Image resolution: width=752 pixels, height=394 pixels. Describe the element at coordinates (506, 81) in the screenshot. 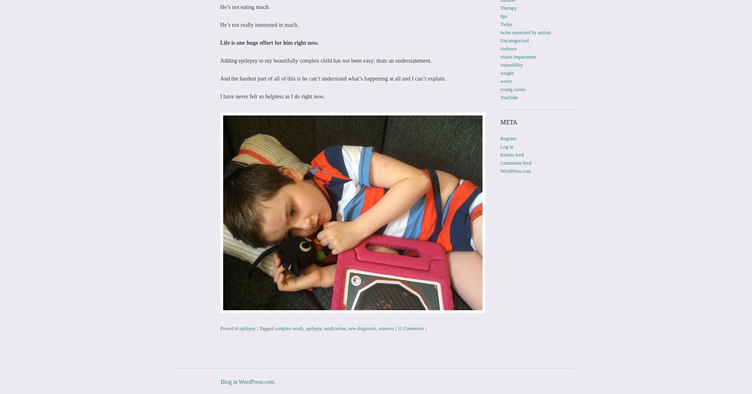

I see `'worry'` at that location.